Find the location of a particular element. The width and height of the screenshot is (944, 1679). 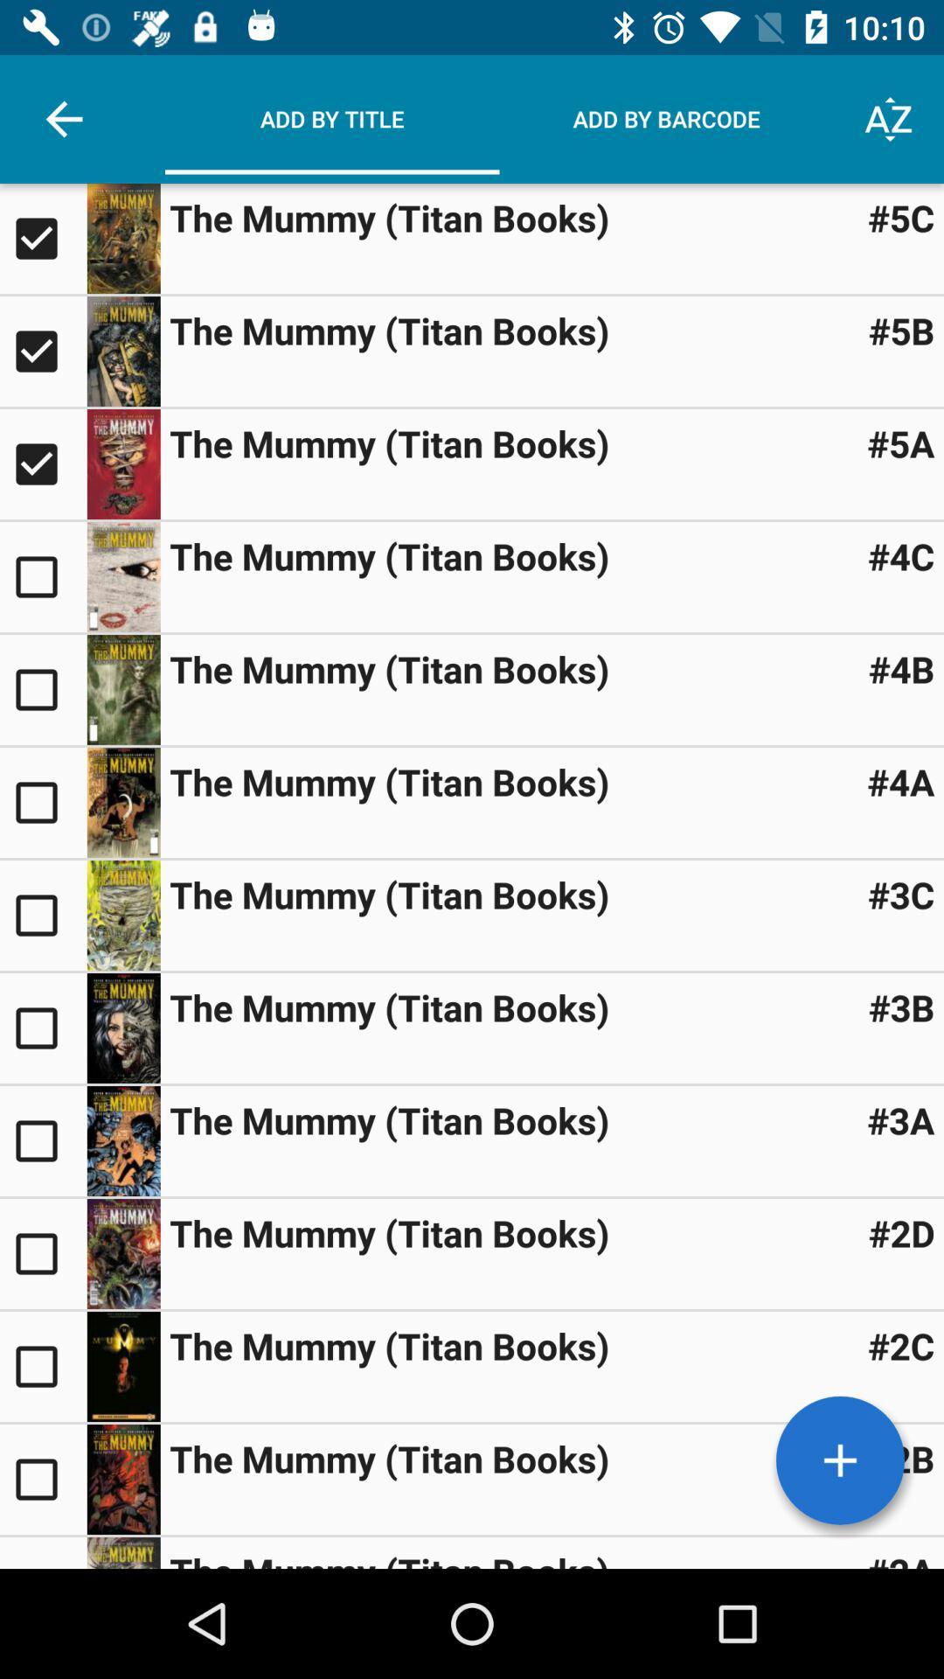

#4a icon is located at coordinates (900, 780).